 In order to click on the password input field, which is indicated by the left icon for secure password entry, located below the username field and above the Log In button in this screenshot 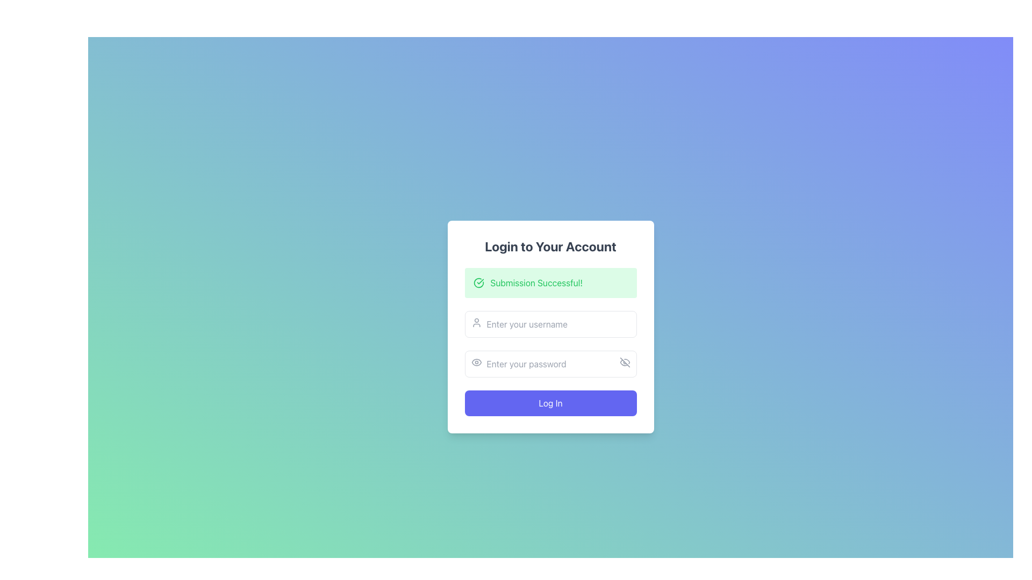, I will do `click(550, 364)`.